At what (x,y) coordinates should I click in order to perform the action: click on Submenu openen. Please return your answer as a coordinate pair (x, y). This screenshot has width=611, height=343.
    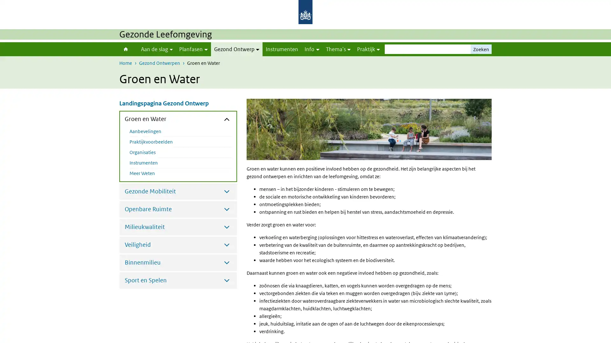
    Looking at the image, I should click on (227, 244).